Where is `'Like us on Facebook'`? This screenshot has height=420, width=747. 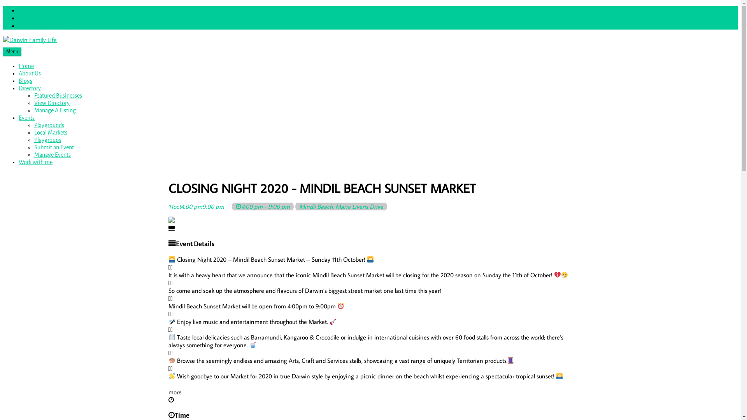
'Like us on Facebook' is located at coordinates (44, 17).